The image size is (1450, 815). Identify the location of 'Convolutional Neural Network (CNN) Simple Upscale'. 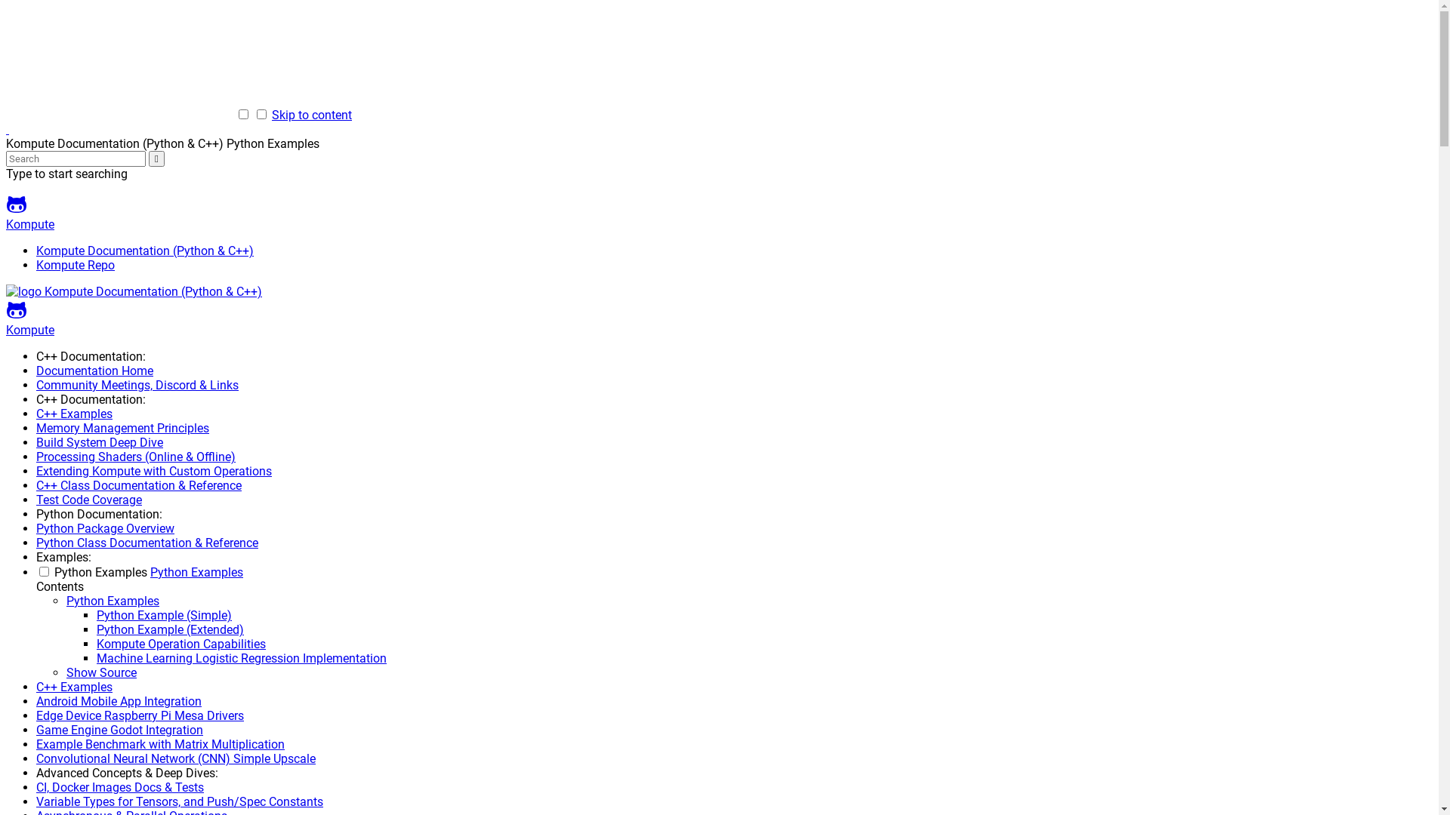
(176, 758).